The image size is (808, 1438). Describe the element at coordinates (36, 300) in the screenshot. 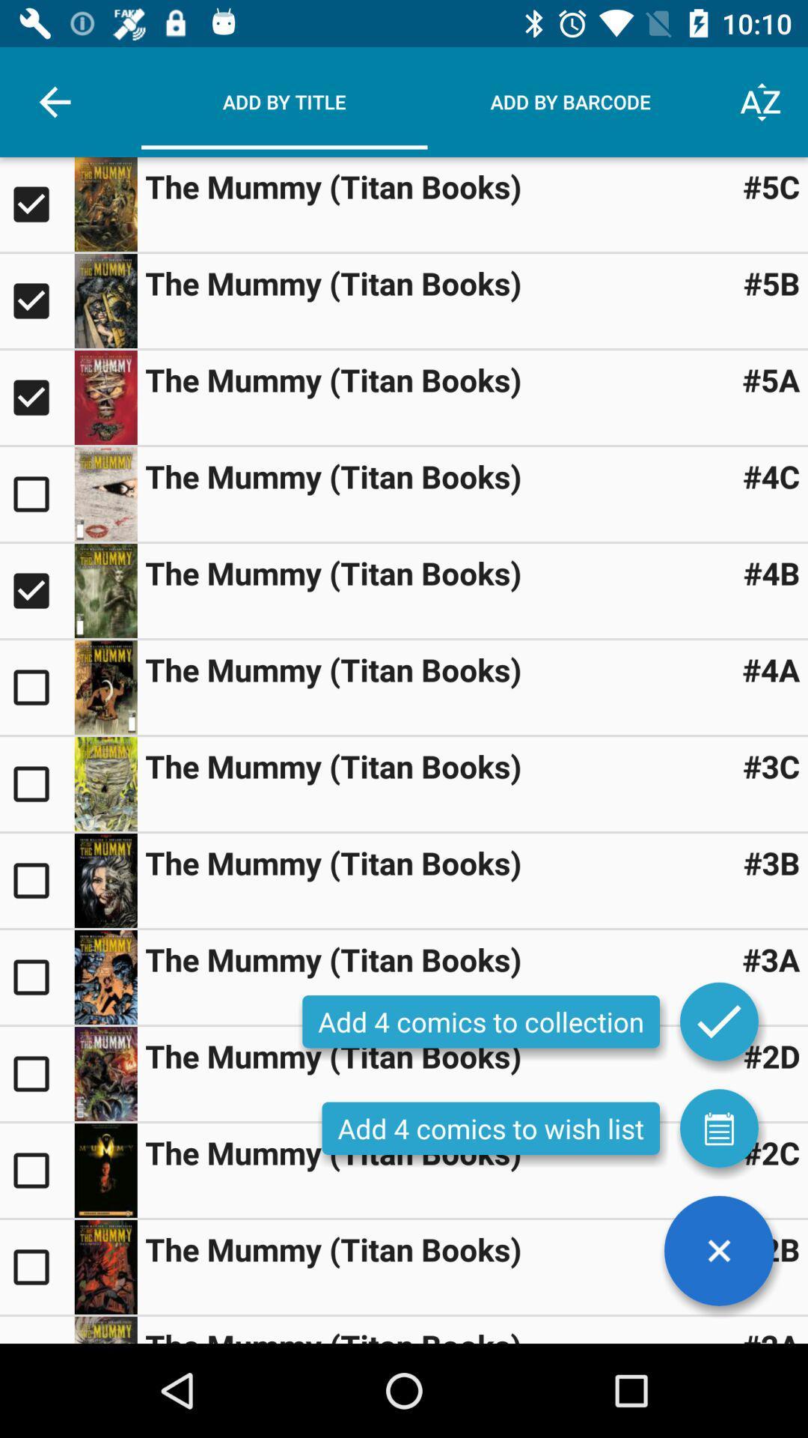

I see `box` at that location.